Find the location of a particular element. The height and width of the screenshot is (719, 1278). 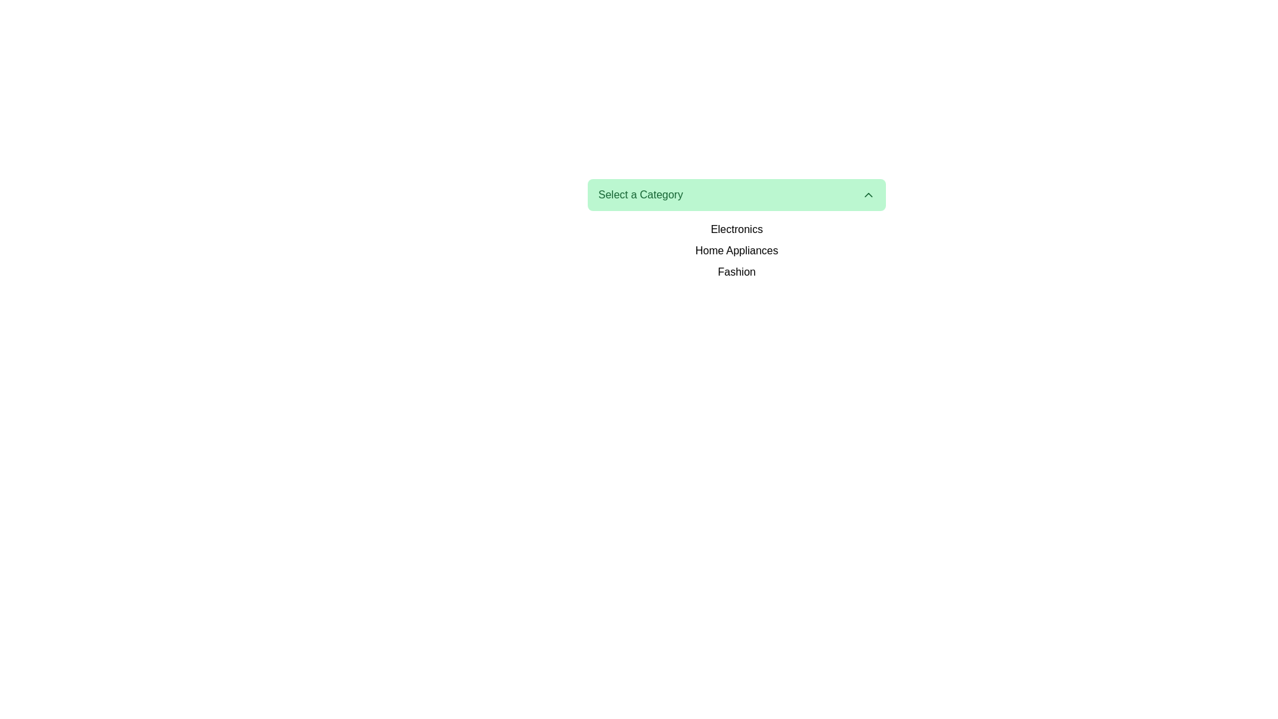

to select the 'Electronics' category from the dropdown menu located beneath the 'Select a Category' label is located at coordinates (736, 228).